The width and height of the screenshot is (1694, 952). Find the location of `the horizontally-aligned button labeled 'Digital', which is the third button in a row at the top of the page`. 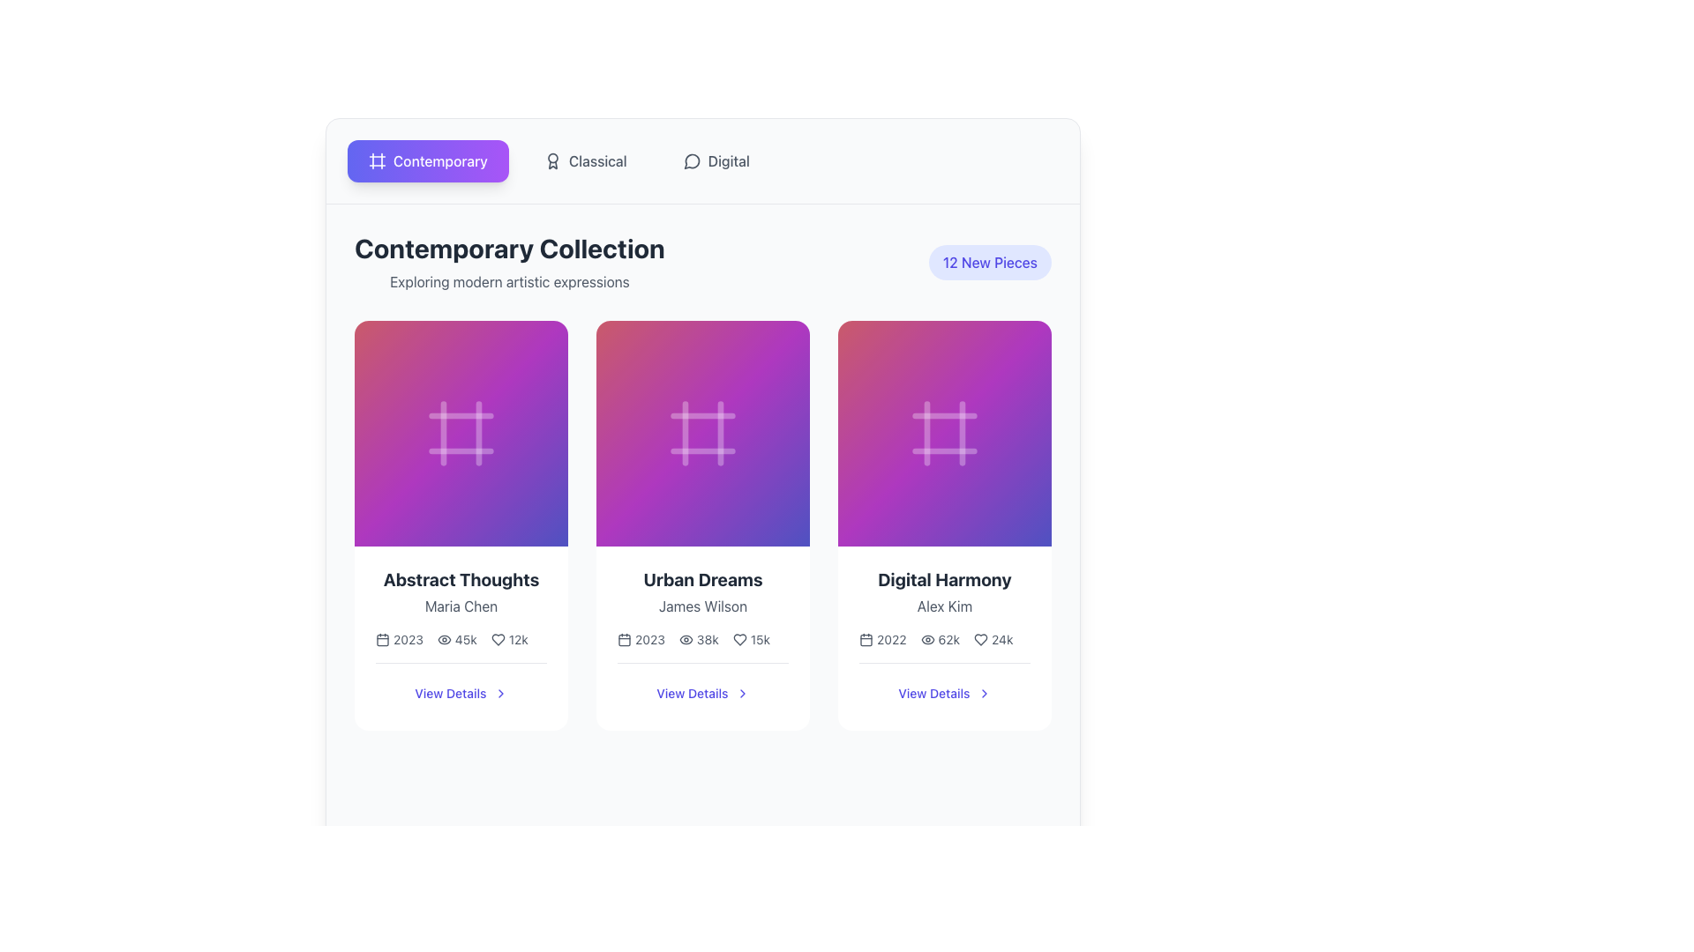

the horizontally-aligned button labeled 'Digital', which is the third button in a row at the top of the page is located at coordinates (716, 160).